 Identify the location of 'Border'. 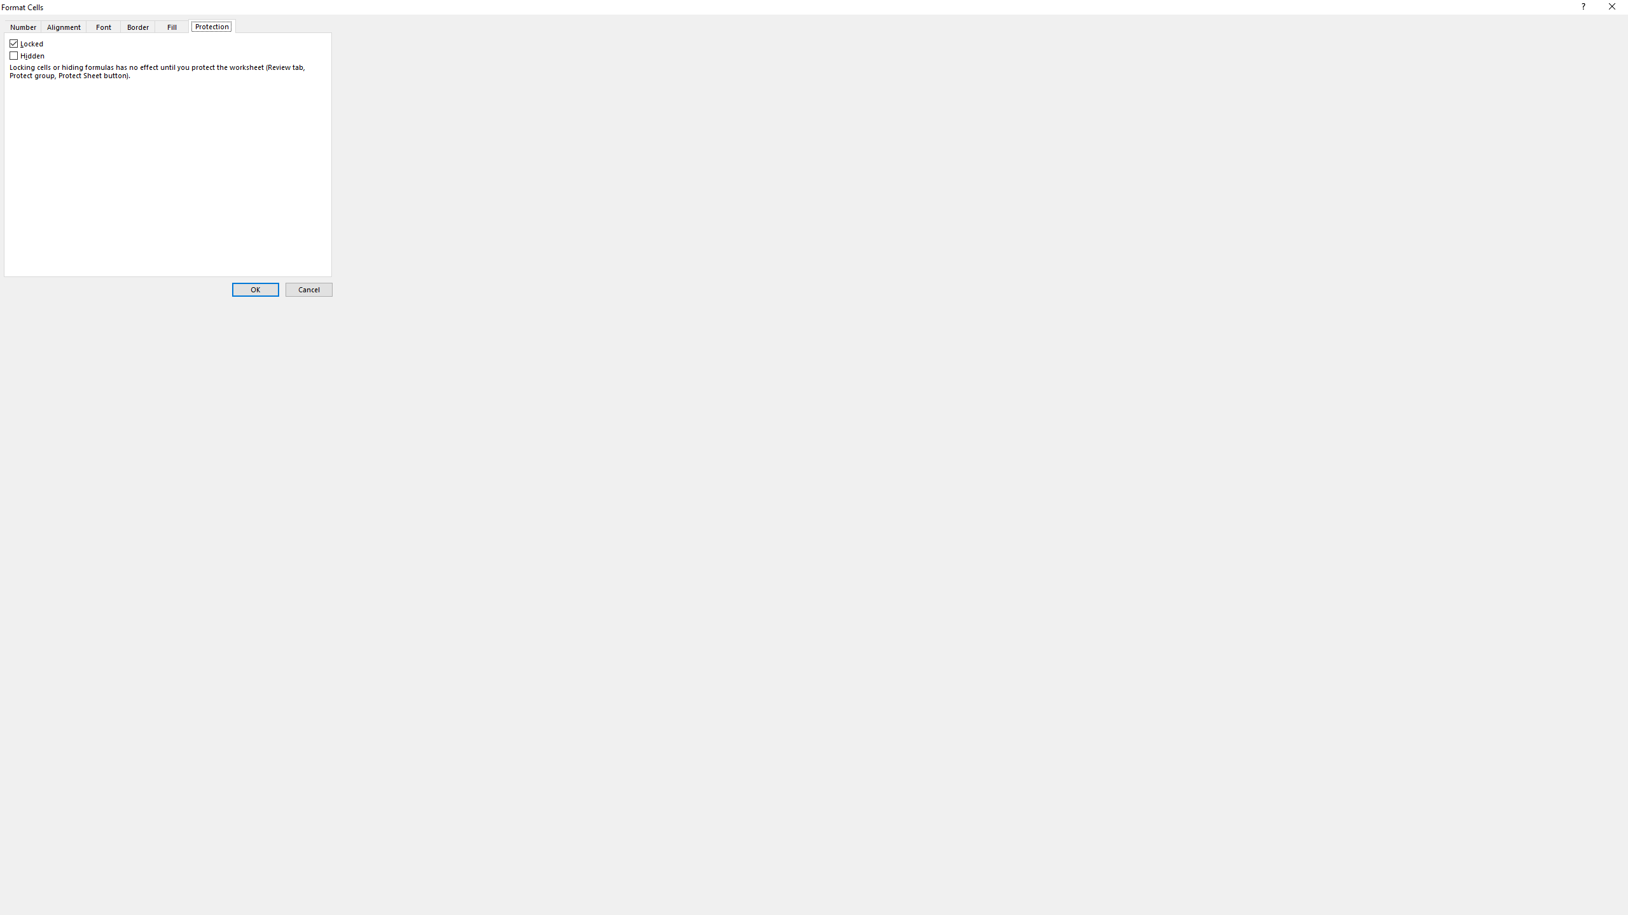
(137, 26).